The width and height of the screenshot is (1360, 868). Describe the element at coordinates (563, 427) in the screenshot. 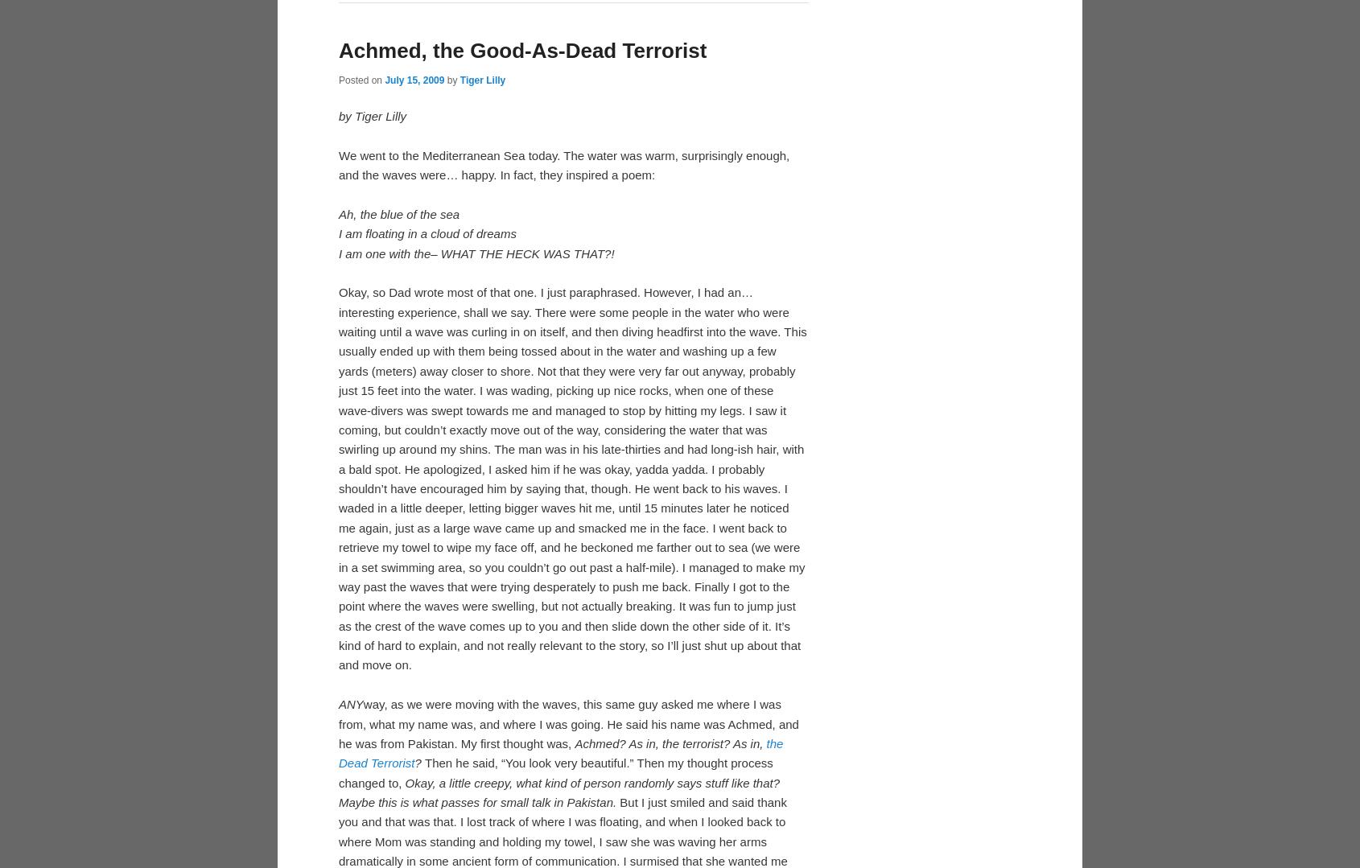

I see `'We went to the Mediterranean Sea today. The water was warm, surprisingly enough, and the waves were… happy. In fact, they inspired a poem:'` at that location.